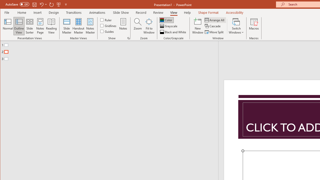 This screenshot has height=180, width=320. Describe the element at coordinates (107, 31) in the screenshot. I see `'Guides'` at that location.